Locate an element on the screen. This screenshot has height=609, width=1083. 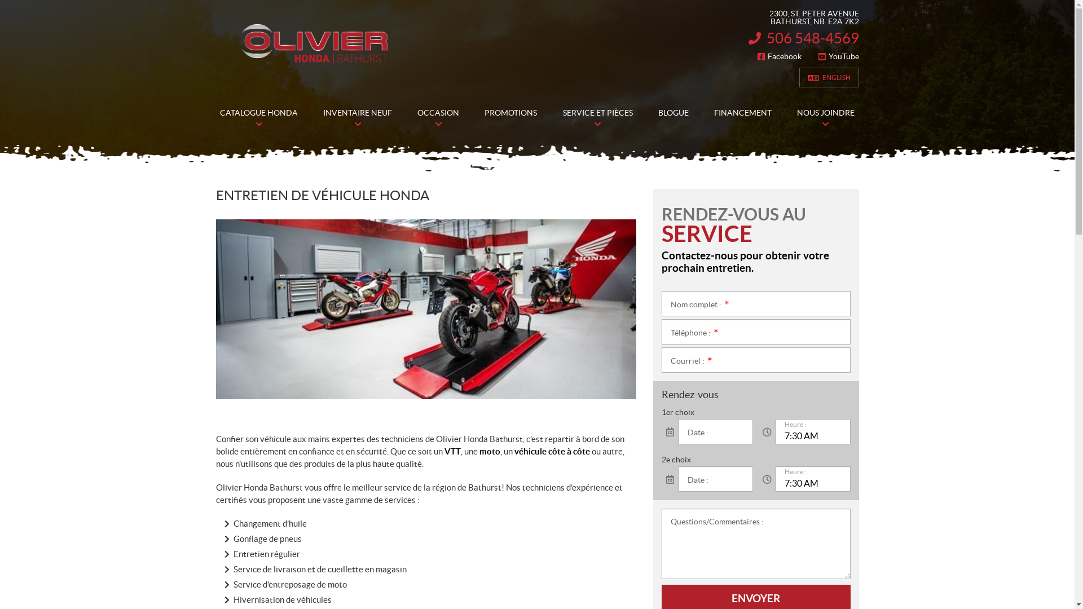
'INVENTAIRE NEUF' is located at coordinates (357, 113).